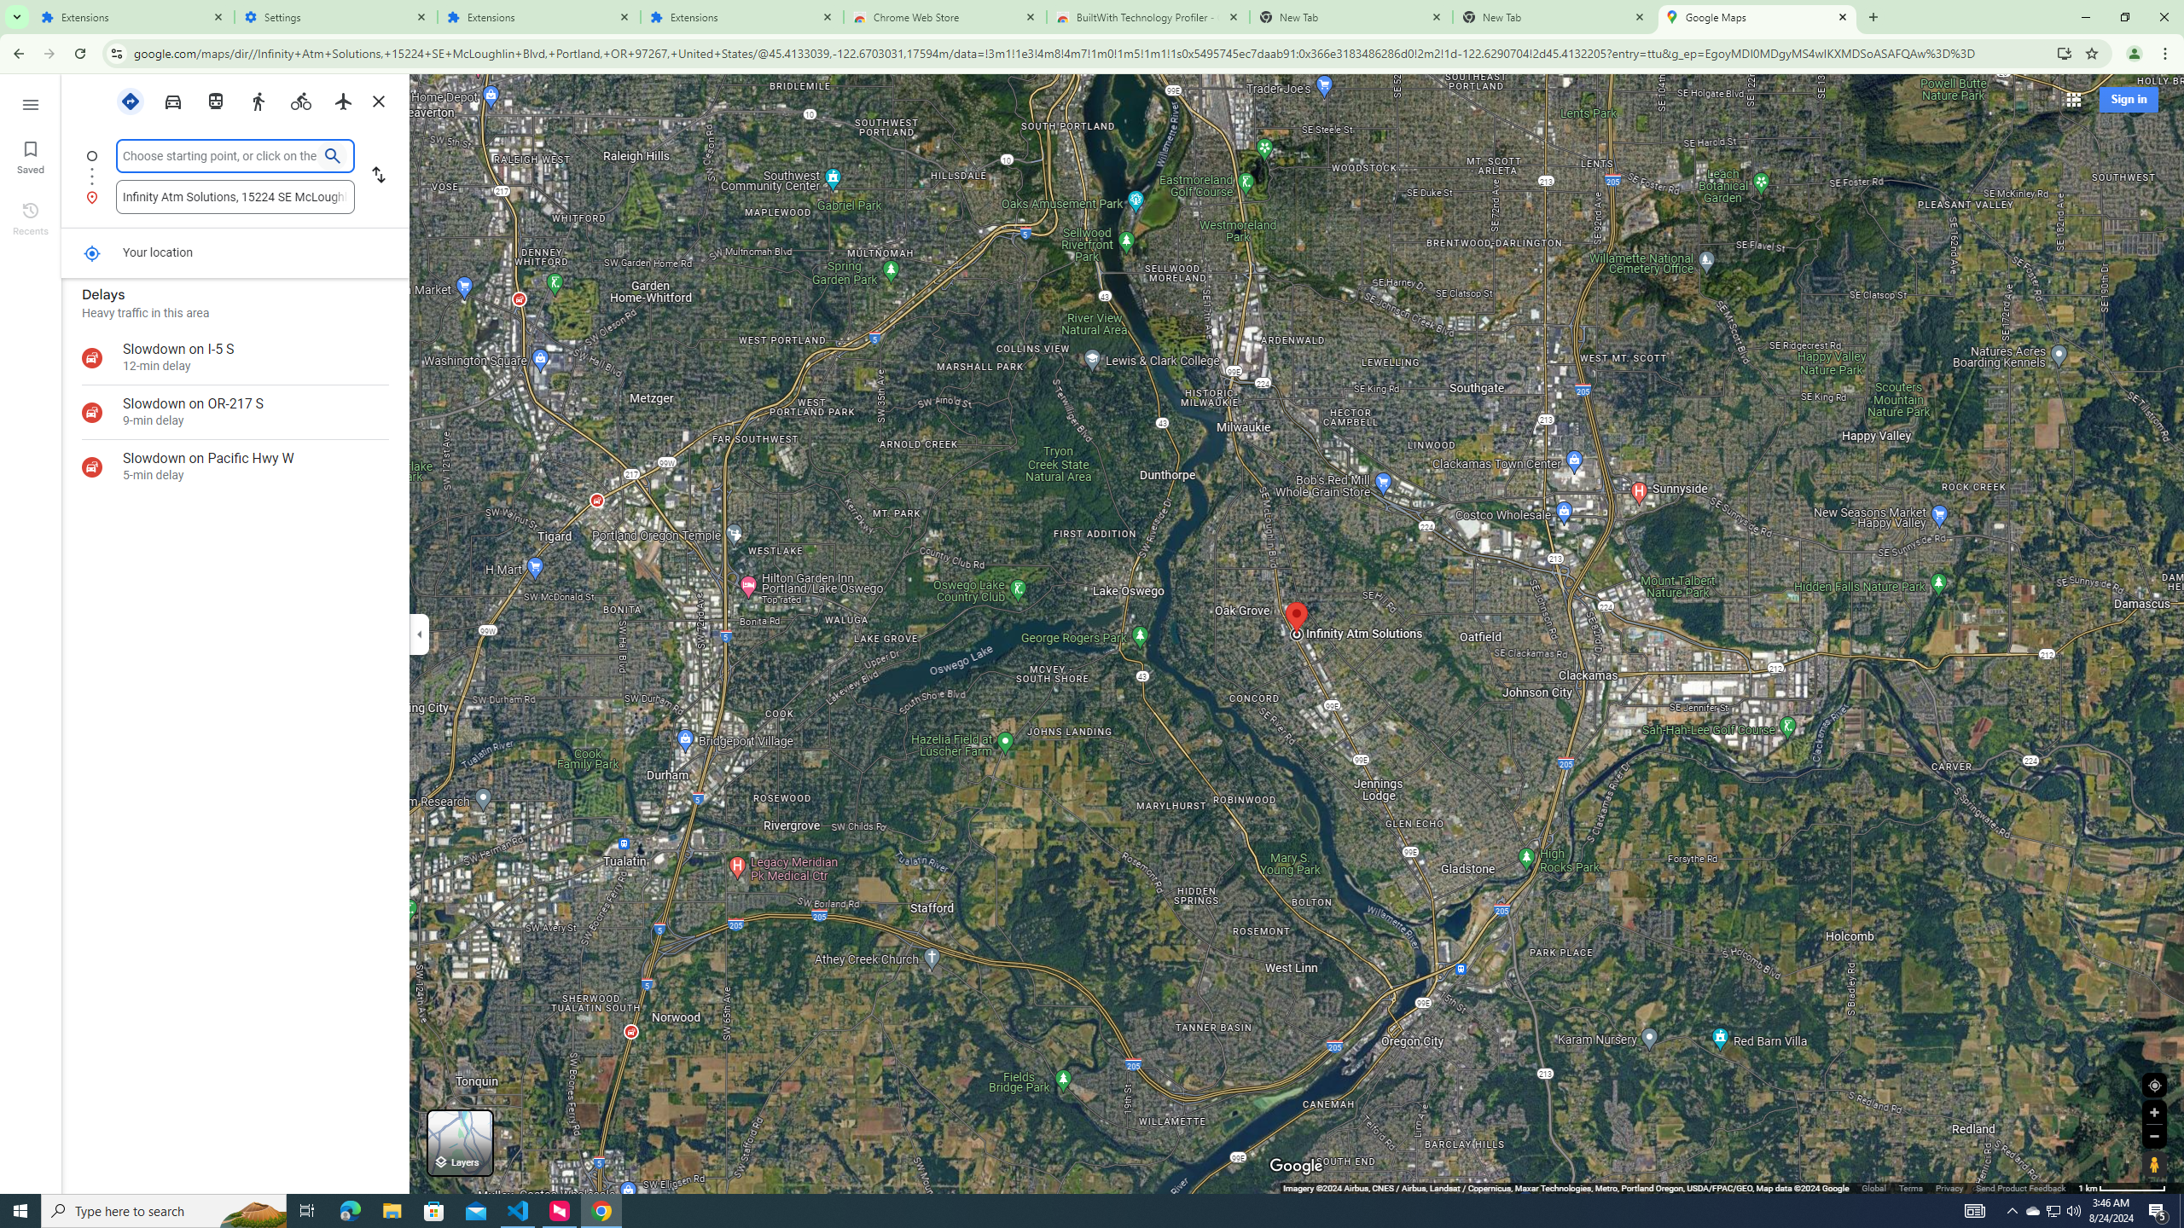  I want to click on 'Google Maps', so click(1757, 16).